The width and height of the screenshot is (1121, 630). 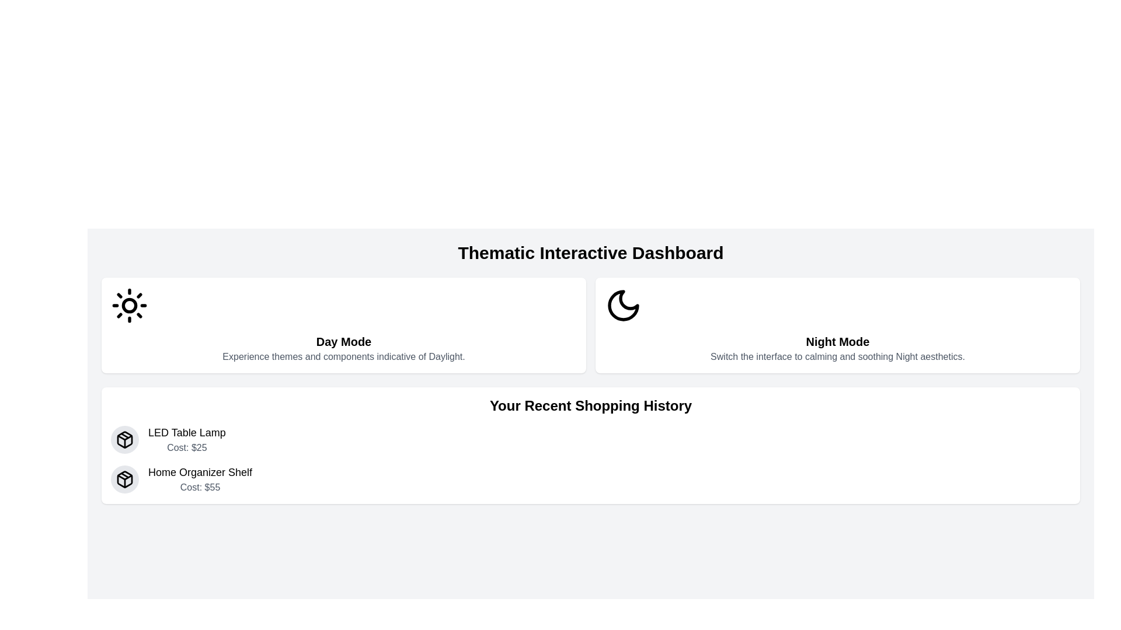 What do you see at coordinates (125, 479) in the screenshot?
I see `the triangularly beveled box shape that resembles a package, which is centrally positioned within the package icon` at bounding box center [125, 479].